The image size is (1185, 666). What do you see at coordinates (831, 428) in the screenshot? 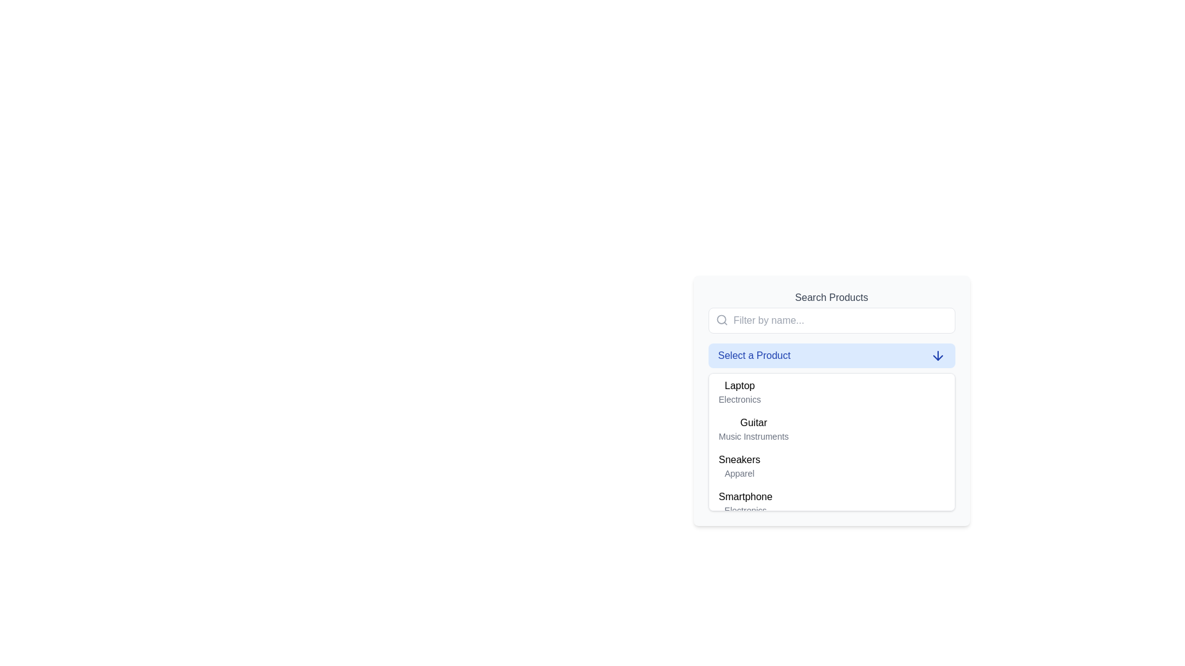
I see `the 'Guitar' item in the dropdown menu, which is the second item below 'Laptop' and above 'Sneakers'` at bounding box center [831, 428].